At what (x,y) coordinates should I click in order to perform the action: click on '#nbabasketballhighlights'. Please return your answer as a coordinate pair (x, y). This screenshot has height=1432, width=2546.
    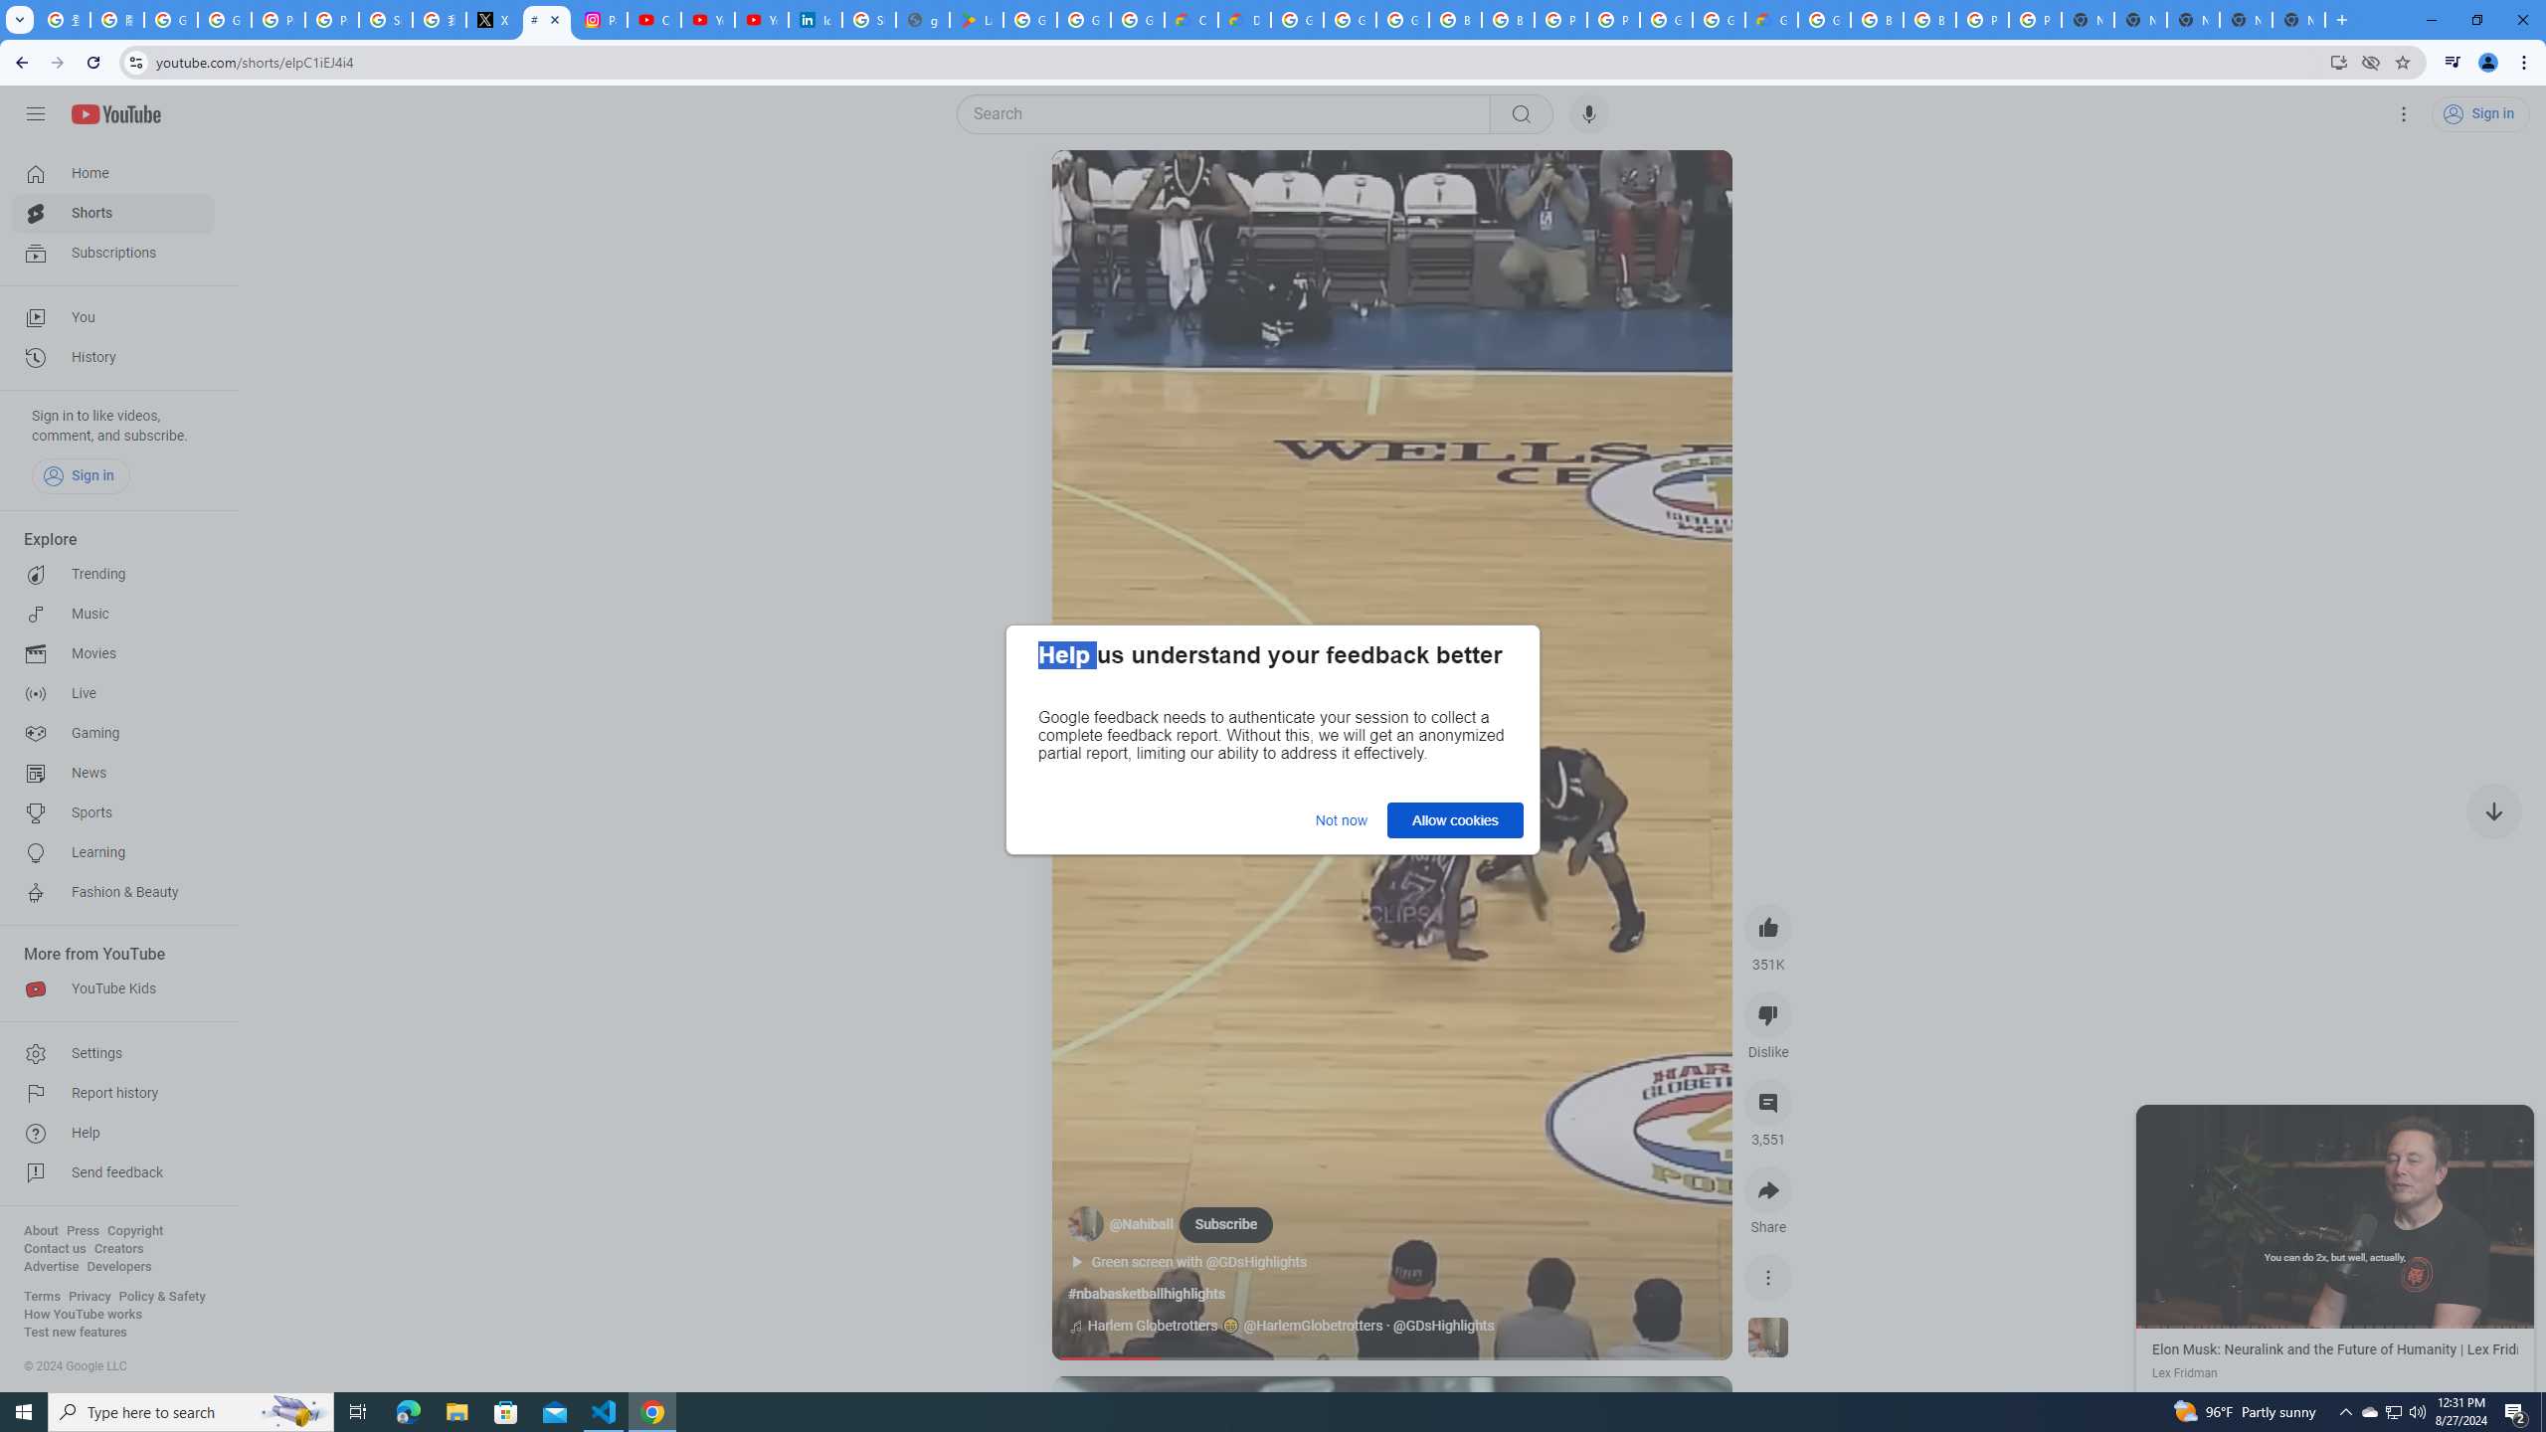
    Looking at the image, I should click on (1145, 1294).